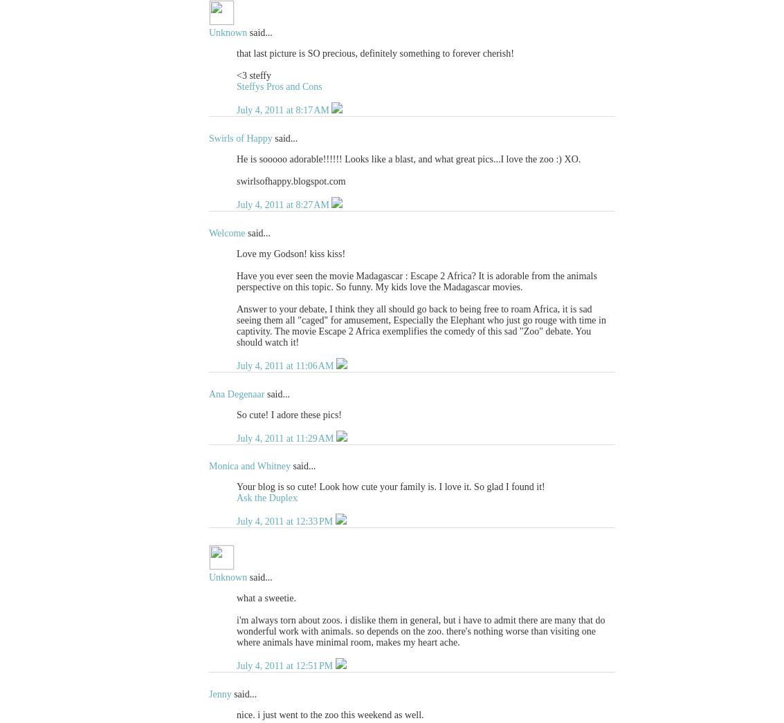 The width and height of the screenshot is (784, 723). Describe the element at coordinates (284, 110) in the screenshot. I see `'July 4, 2011 at 8:17 AM'` at that location.